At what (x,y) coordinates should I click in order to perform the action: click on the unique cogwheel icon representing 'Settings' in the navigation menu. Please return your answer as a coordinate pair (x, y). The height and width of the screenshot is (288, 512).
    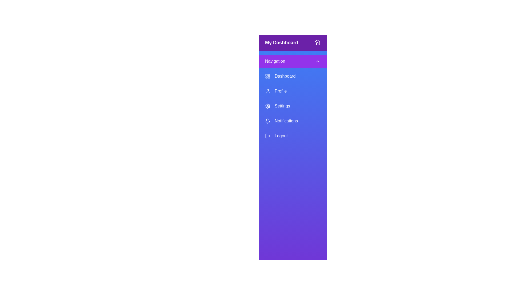
    Looking at the image, I should click on (267, 106).